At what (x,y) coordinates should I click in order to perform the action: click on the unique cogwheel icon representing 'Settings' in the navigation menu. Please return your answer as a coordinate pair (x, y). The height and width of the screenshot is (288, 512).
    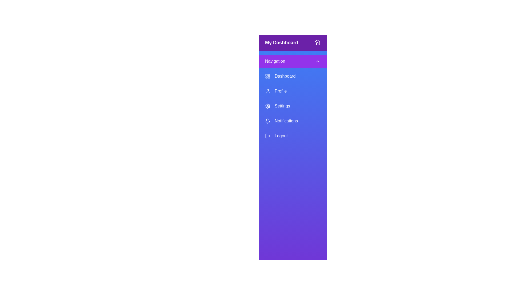
    Looking at the image, I should click on (267, 106).